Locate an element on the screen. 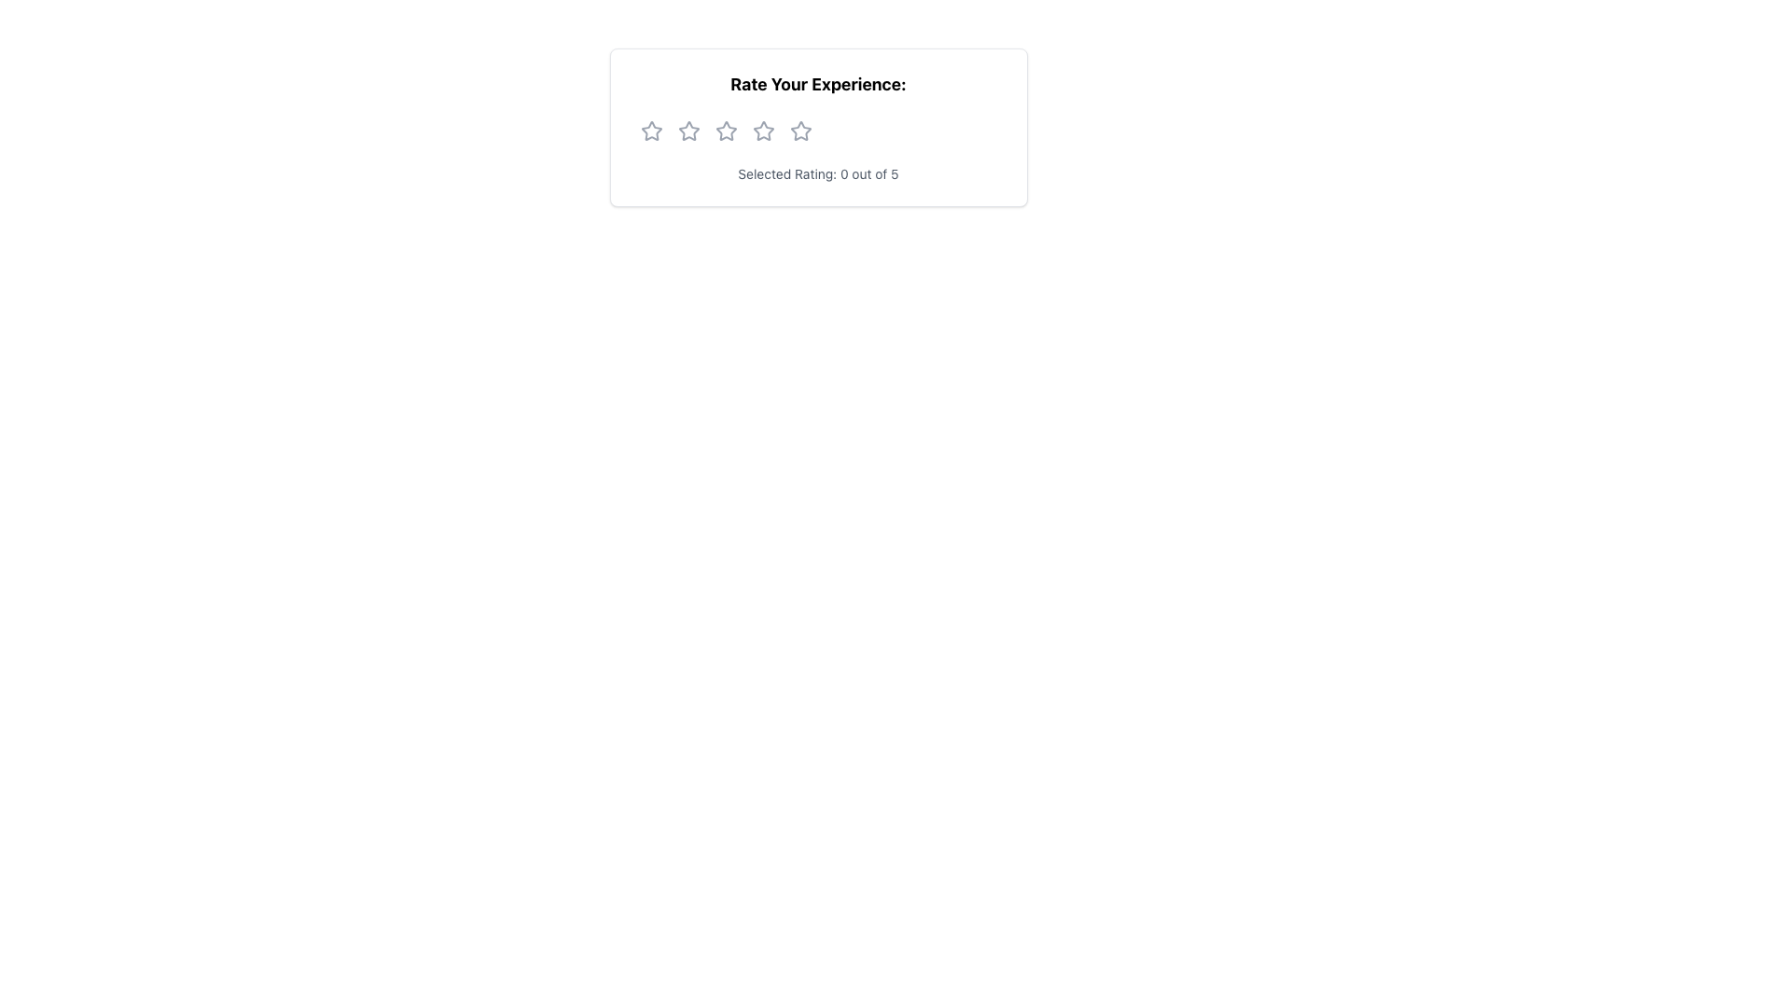 This screenshot has height=1007, width=1791. the first star icon in the 'Rate Your Experience:' section is located at coordinates (651, 131).